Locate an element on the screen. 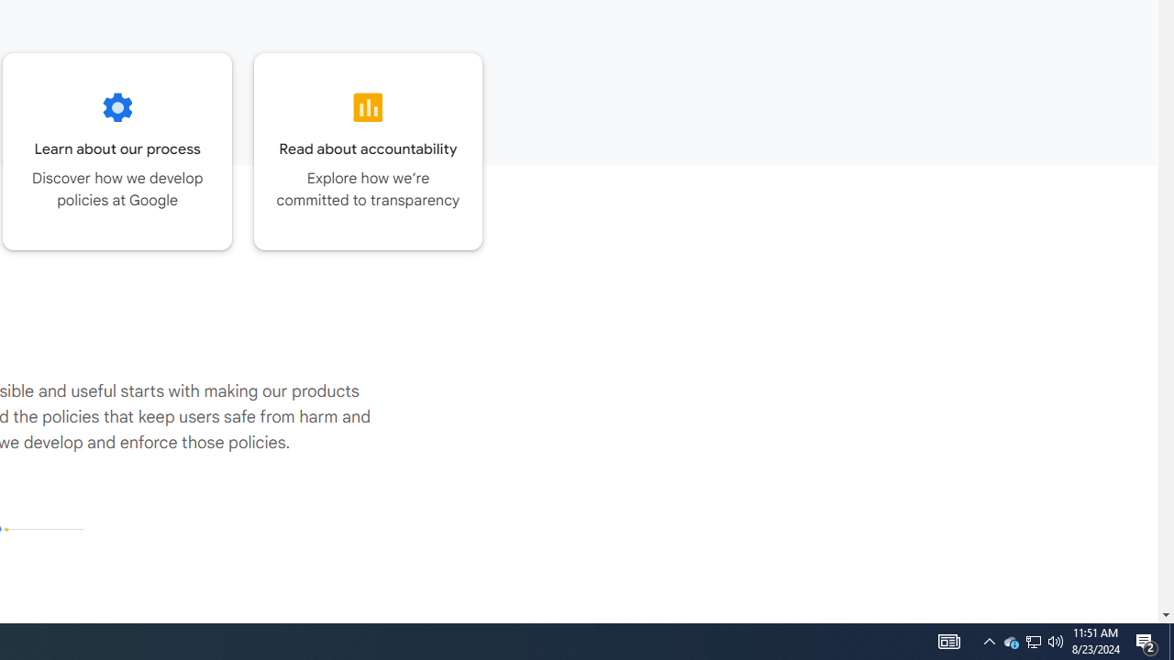  'Go to the Our process page' is located at coordinates (116, 150).